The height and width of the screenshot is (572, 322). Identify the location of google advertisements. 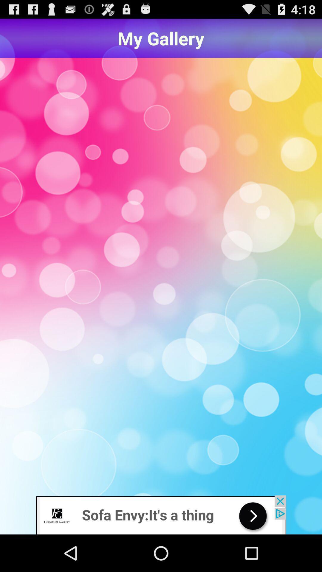
(161, 515).